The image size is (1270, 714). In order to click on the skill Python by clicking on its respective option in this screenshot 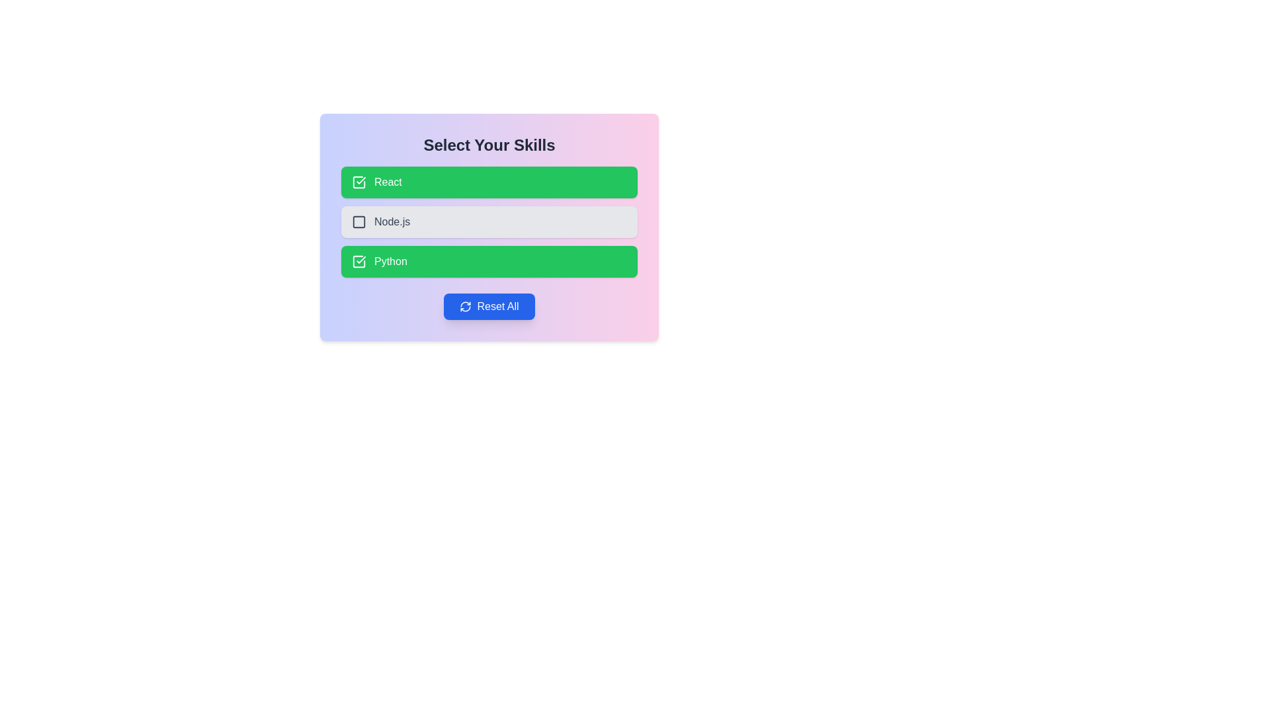, I will do `click(488, 262)`.